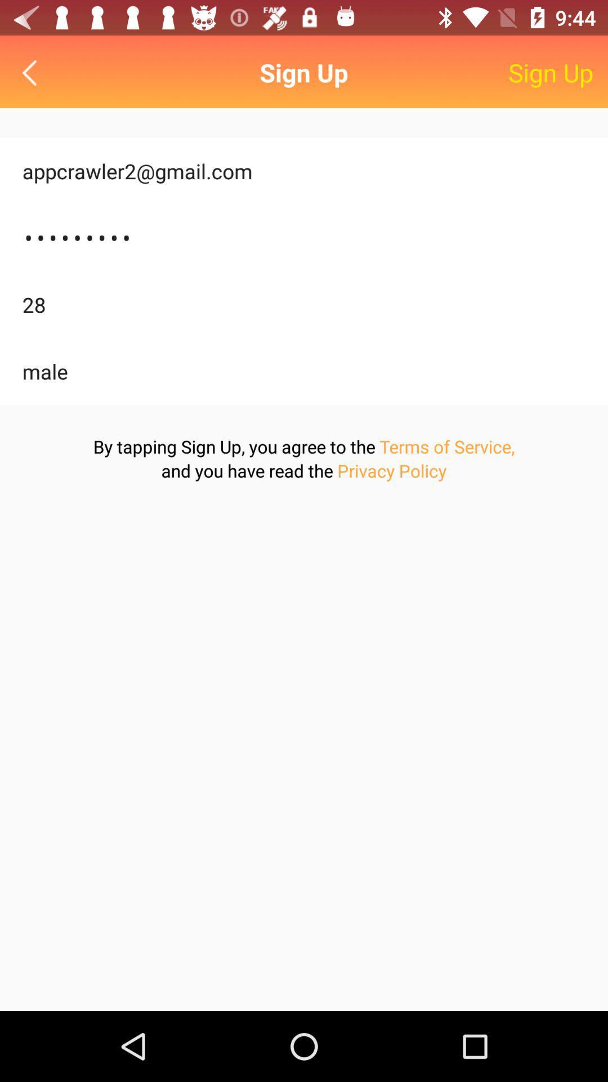 Image resolution: width=608 pixels, height=1082 pixels. What do you see at coordinates (304, 304) in the screenshot?
I see `item below crowd3116` at bounding box center [304, 304].